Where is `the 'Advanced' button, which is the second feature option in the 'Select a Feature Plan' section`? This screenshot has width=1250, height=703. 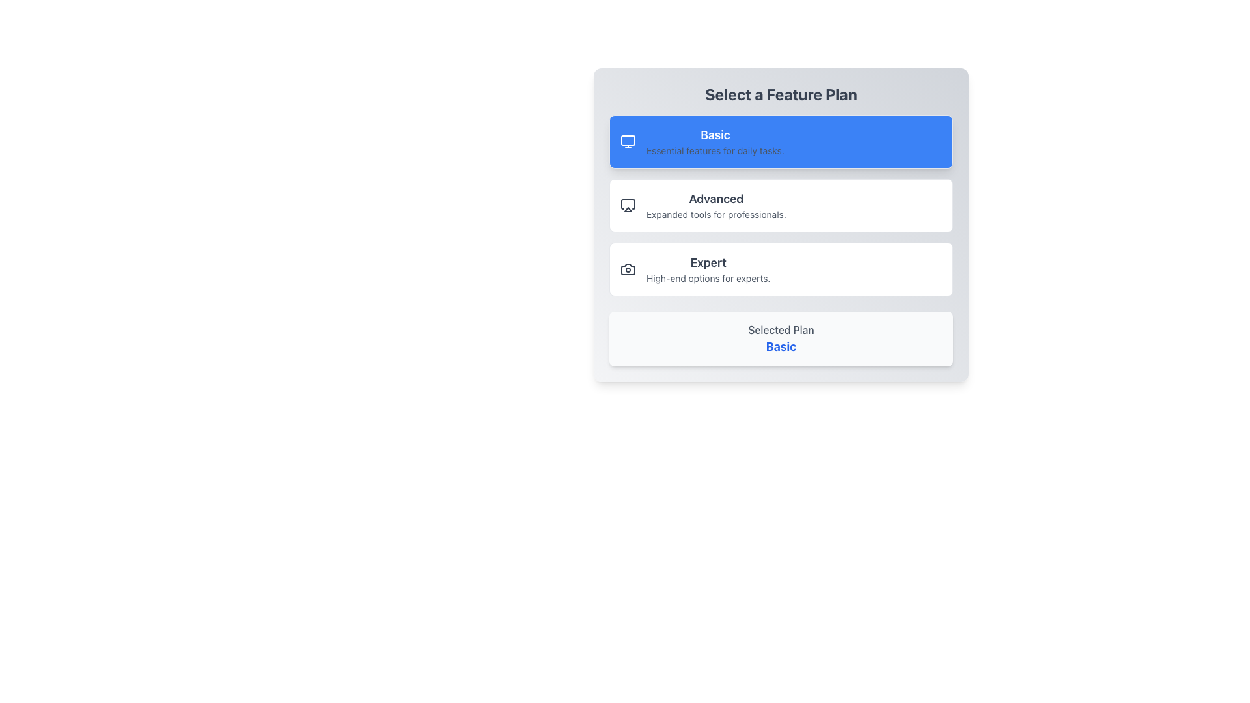
the 'Advanced' button, which is the second feature option in the 'Select a Feature Plan' section is located at coordinates (781, 225).